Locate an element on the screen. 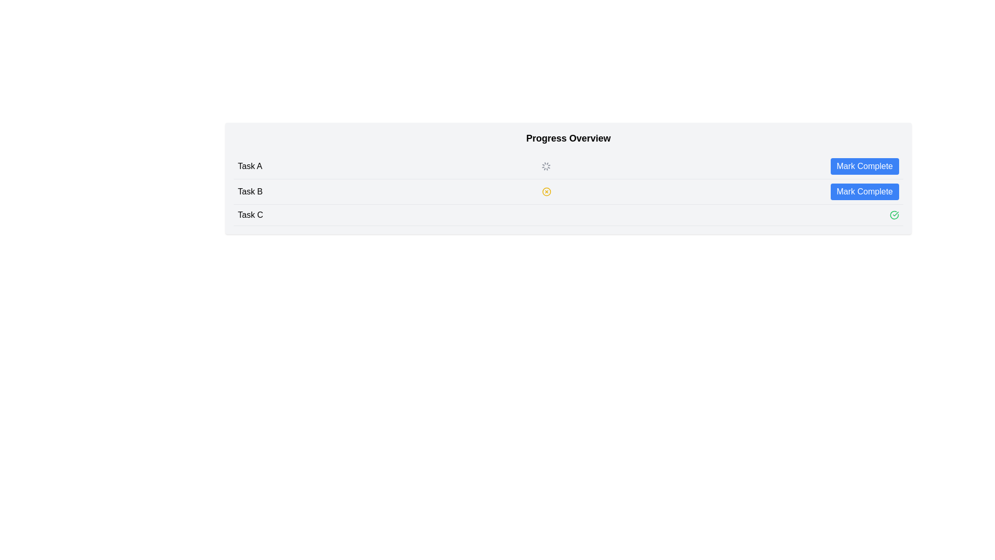 Image resolution: width=995 pixels, height=560 pixels. the alert or error indicator icon located in the Progress Overview section next to Task B is located at coordinates (546, 192).